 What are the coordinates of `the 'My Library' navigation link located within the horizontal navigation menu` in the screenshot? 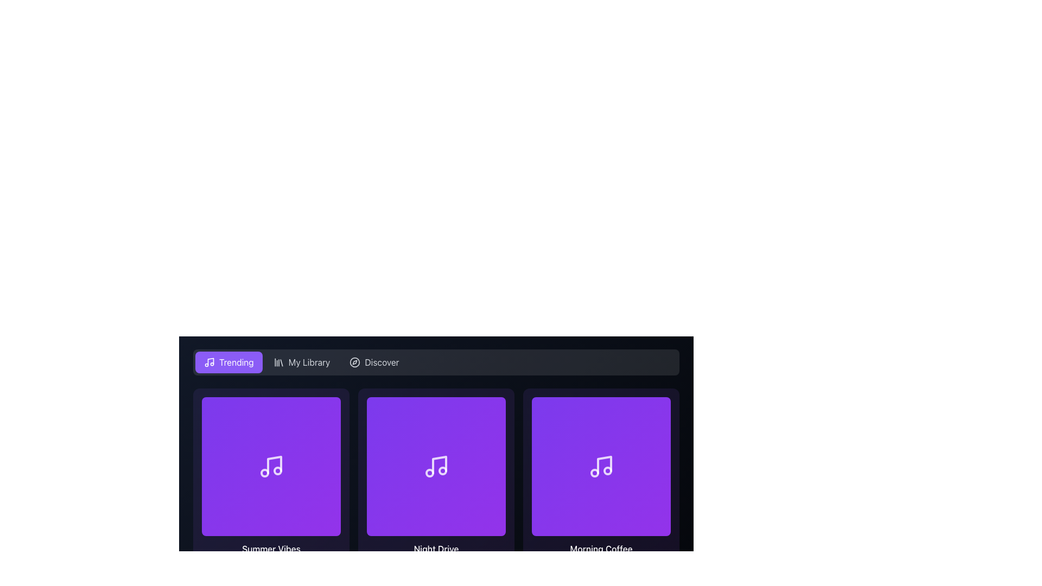 It's located at (309, 362).